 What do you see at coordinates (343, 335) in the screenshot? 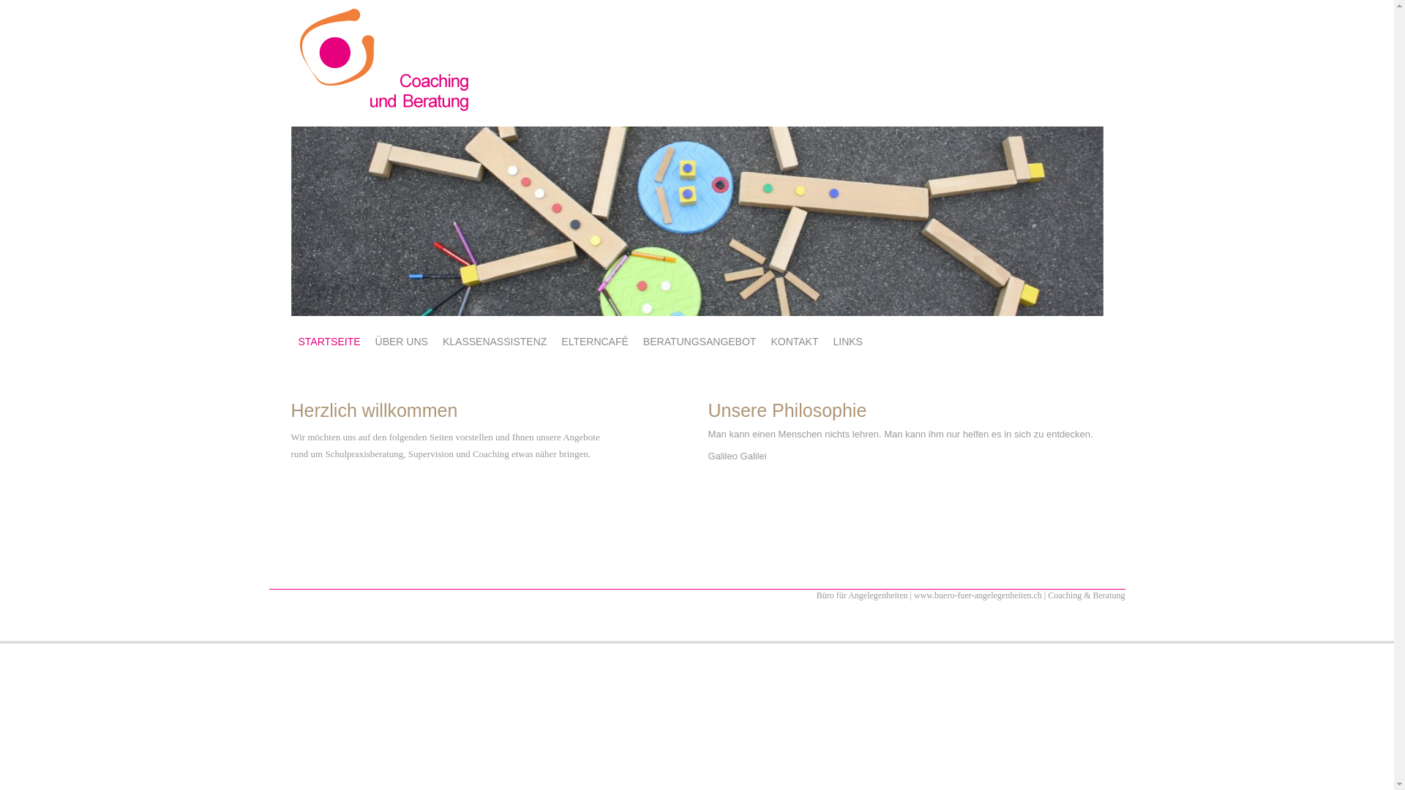
I see `'SKIP TO CONTENT'` at bounding box center [343, 335].